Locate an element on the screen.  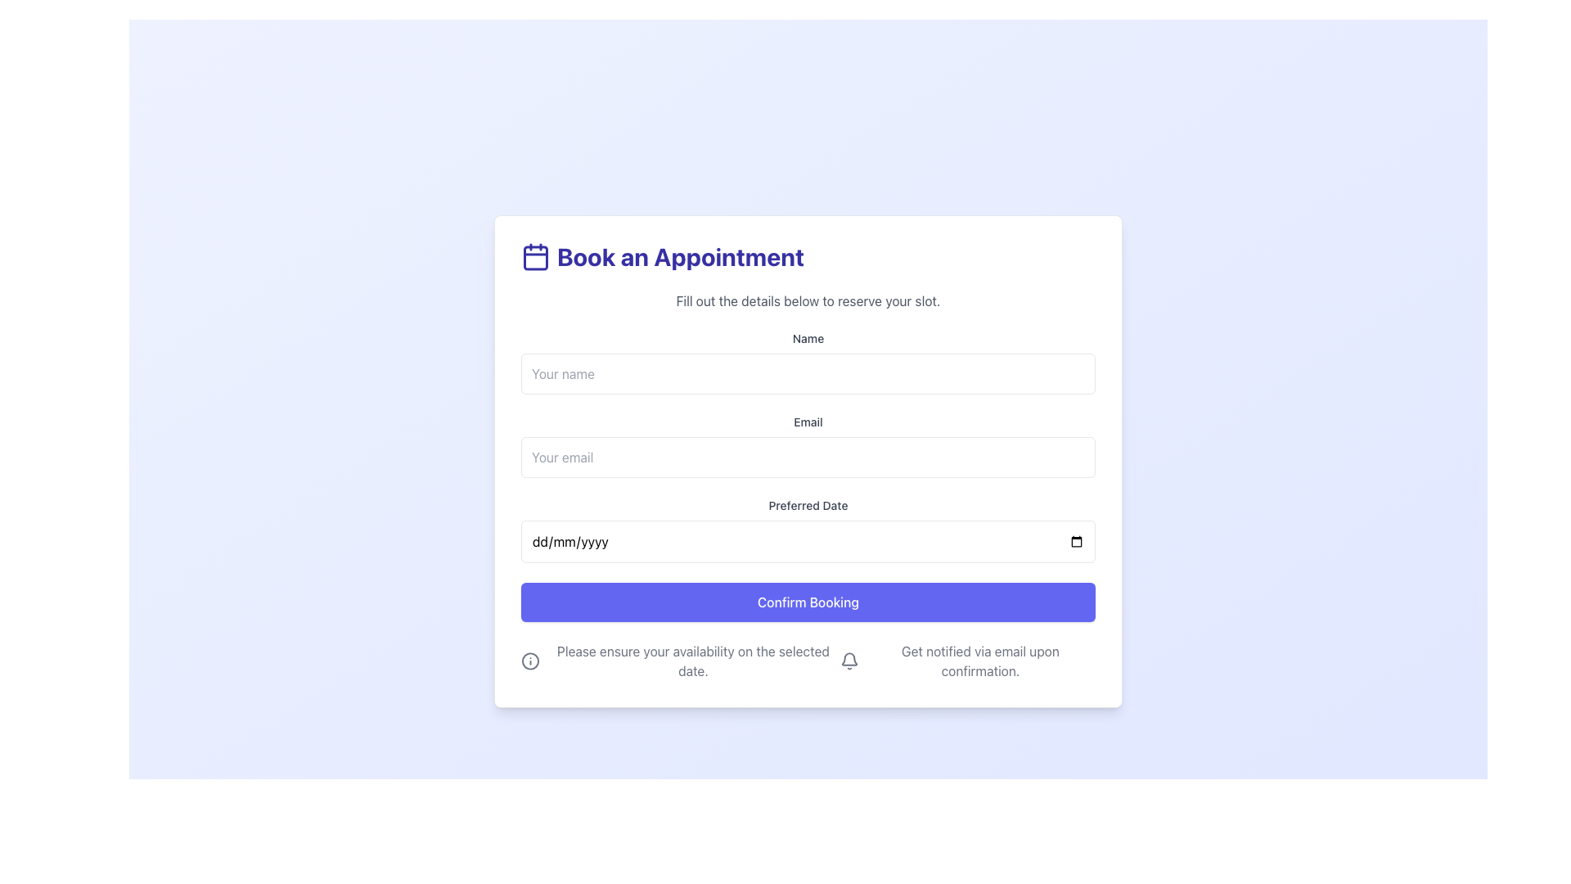
the notification indicator located in the lower right section of the interface to read the information it displays about email updates related to confirmations is located at coordinates (967, 660).